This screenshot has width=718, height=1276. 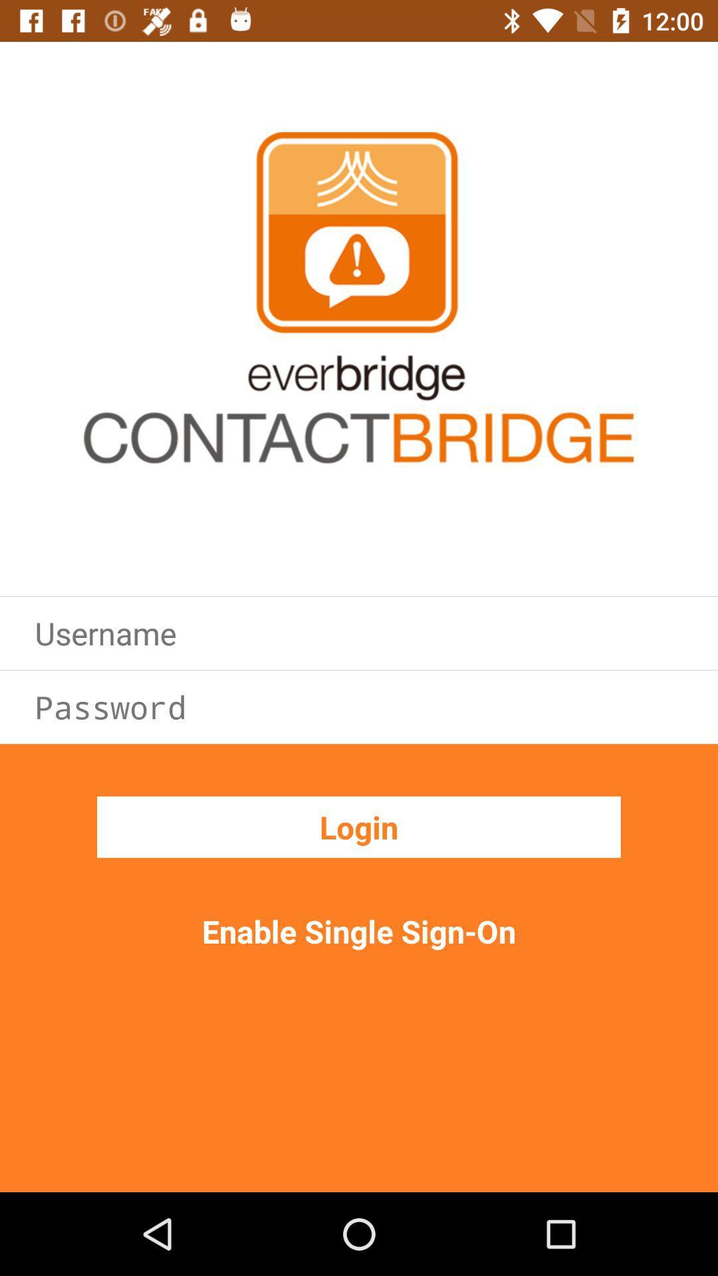 What do you see at coordinates (359, 930) in the screenshot?
I see `the enable single sign icon` at bounding box center [359, 930].